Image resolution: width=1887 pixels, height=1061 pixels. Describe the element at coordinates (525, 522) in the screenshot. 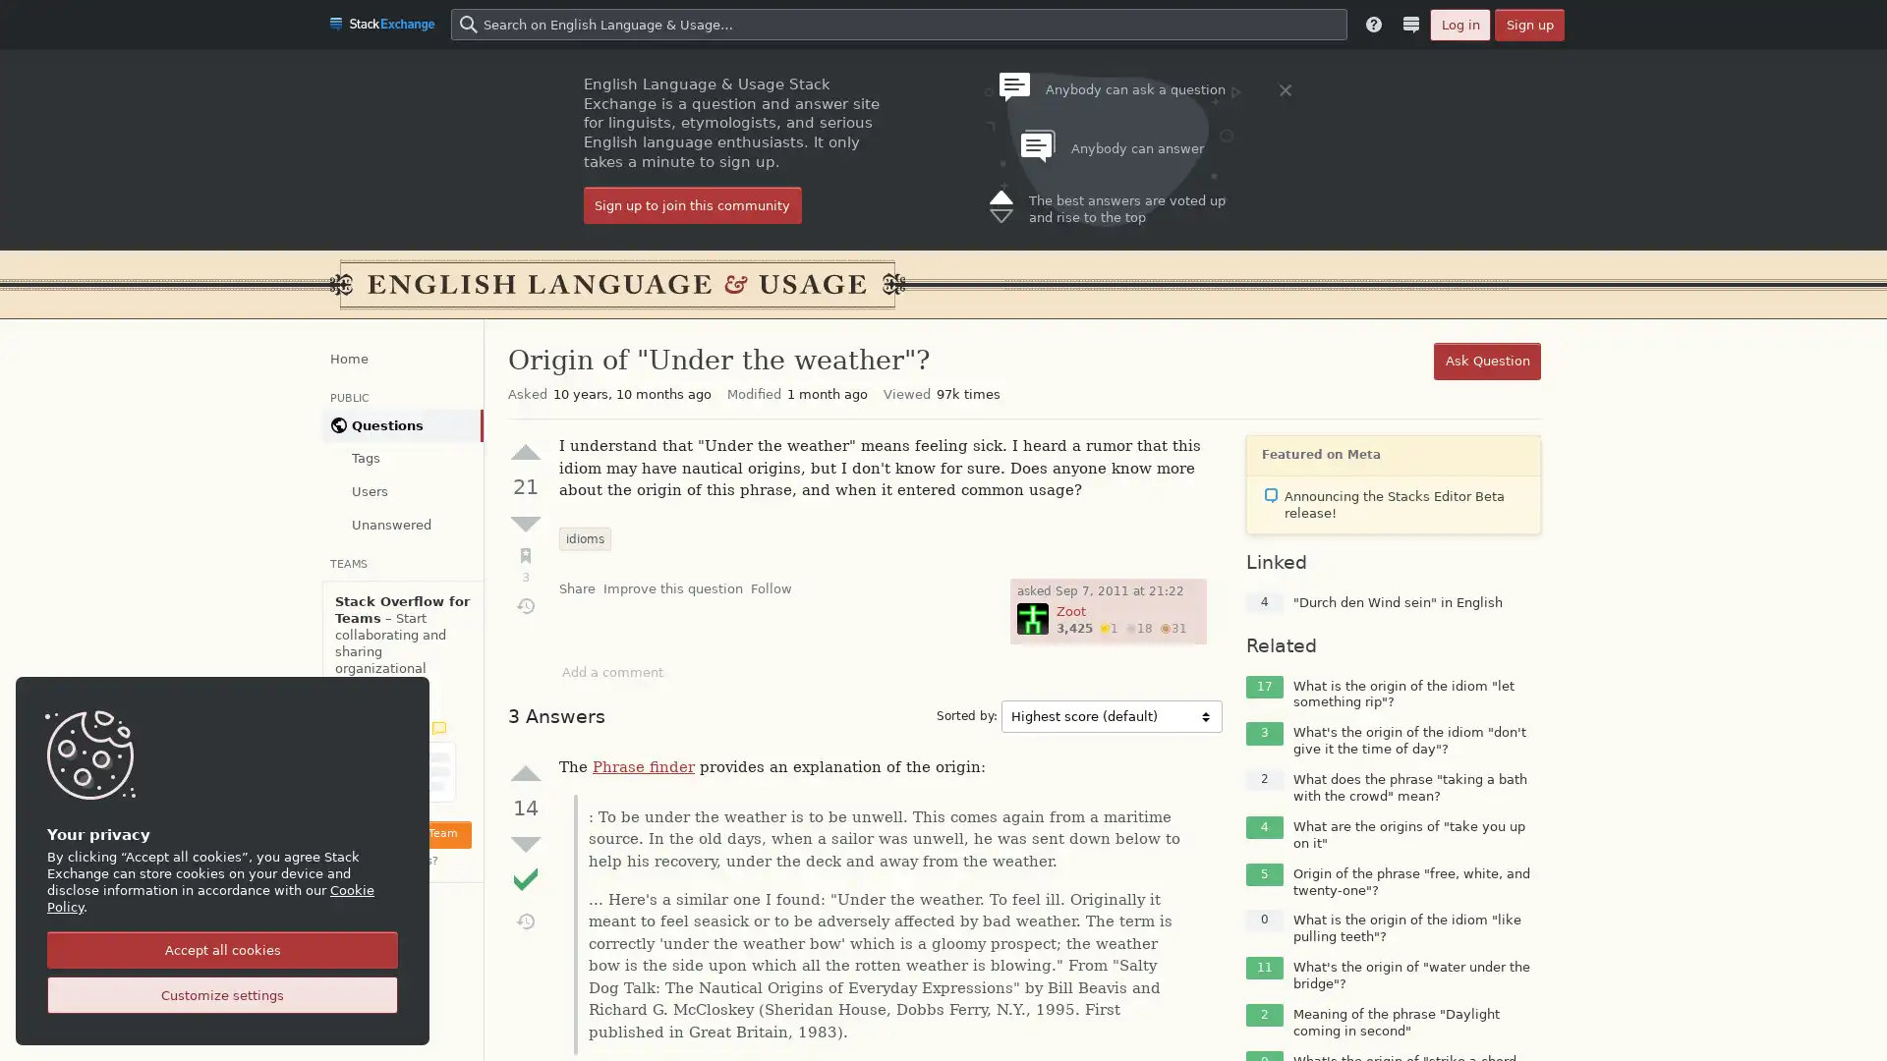

I see `Down vote` at that location.